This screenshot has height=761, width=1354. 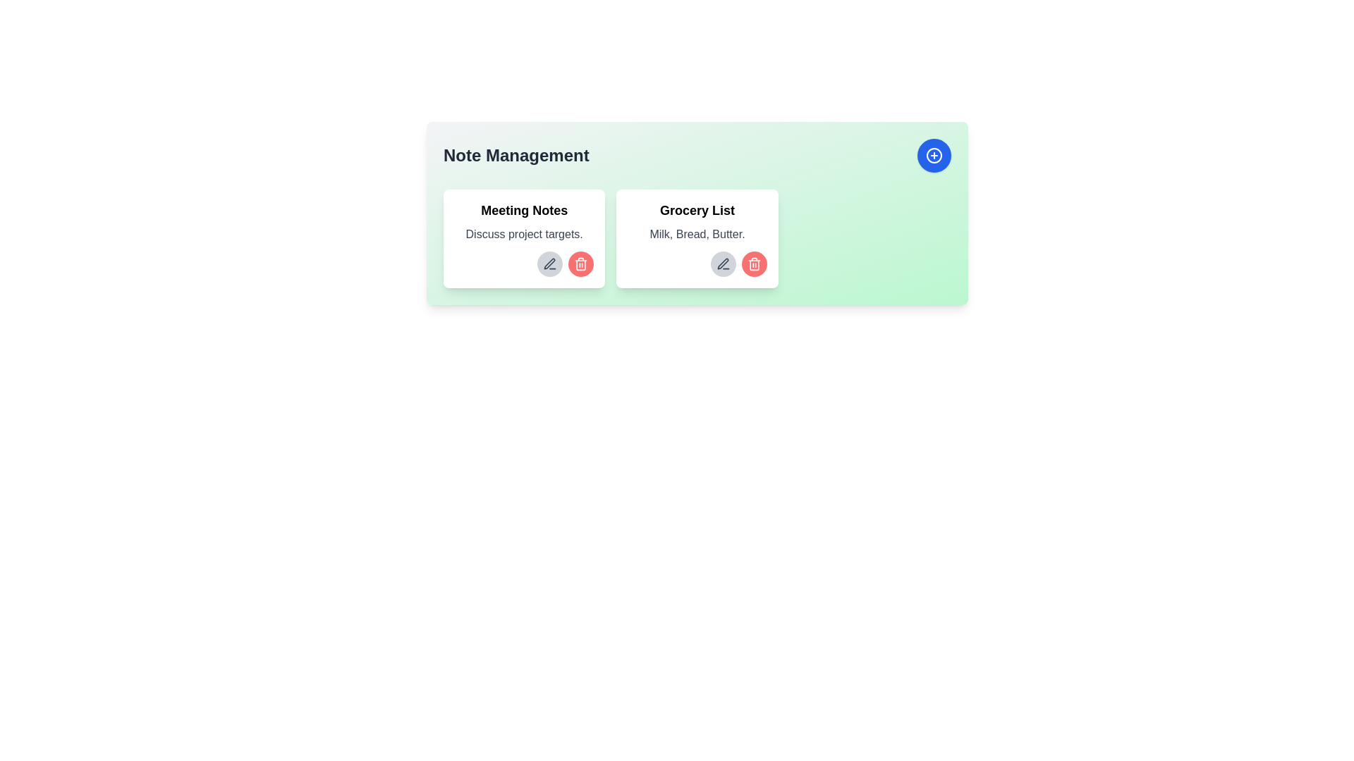 What do you see at coordinates (697, 233) in the screenshot?
I see `the Text display that lists grocery items ('Milk, Bread, Butter') located beneath the 'Grocery List' title in the card component within the 'Note Management' section` at bounding box center [697, 233].